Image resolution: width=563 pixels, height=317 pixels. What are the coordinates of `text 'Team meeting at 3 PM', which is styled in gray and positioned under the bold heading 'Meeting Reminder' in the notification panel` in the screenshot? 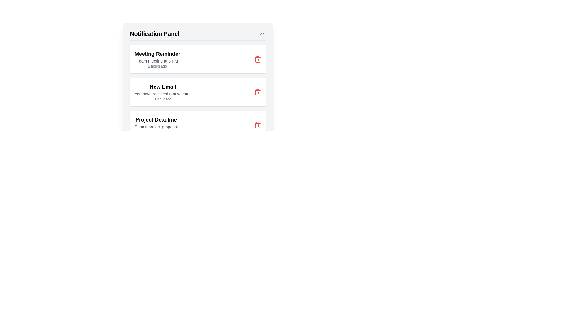 It's located at (157, 61).